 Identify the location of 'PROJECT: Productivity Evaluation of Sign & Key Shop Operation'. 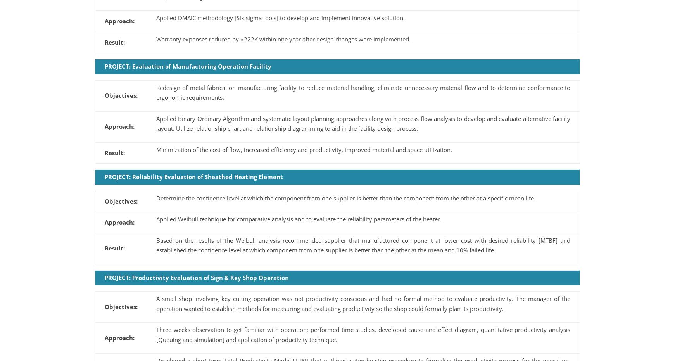
(196, 277).